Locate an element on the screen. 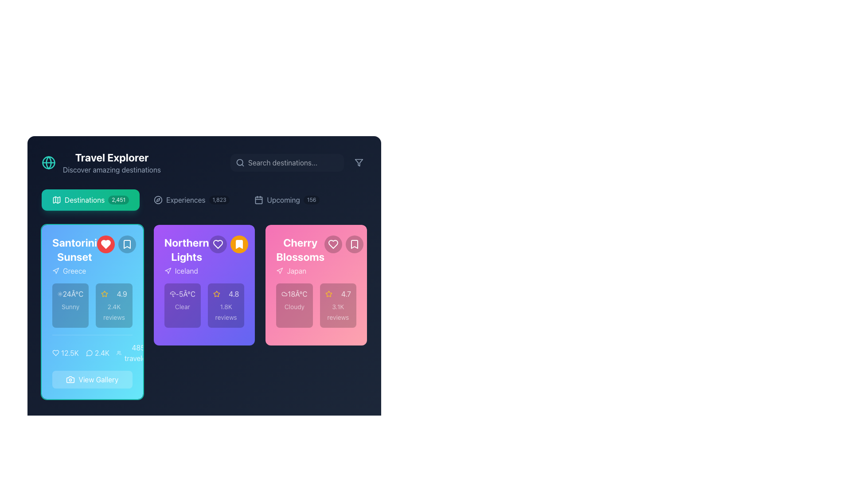 The image size is (851, 479). the bookmark icon located at the top-right corner of the 'Northern Lights' card, which features a white rectangular shape with a pointed bottom on an orange circular background, to bookmark the associated content is located at coordinates (239, 244).